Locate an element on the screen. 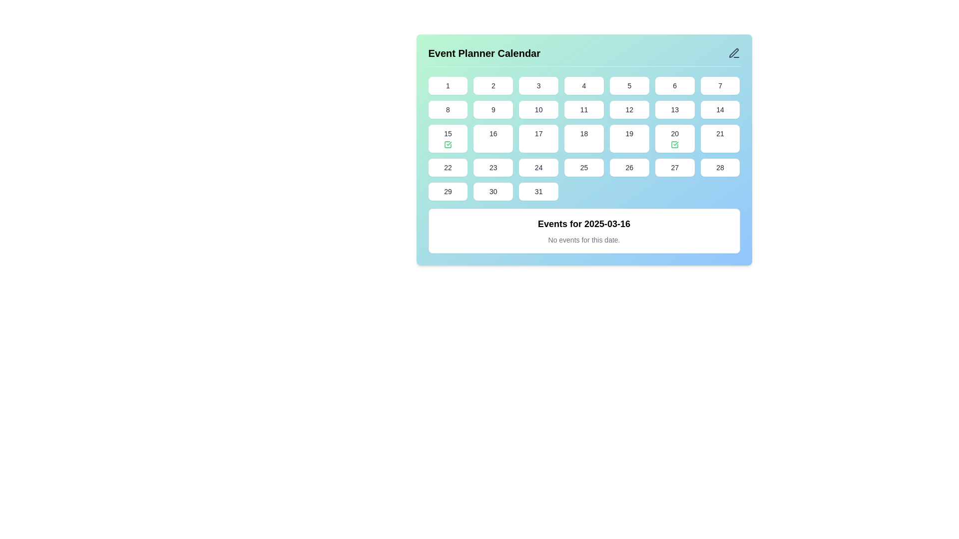 Image resolution: width=959 pixels, height=539 pixels. the date selection button labeled '17' in the third row and third column of the Event Planner Calendar interface is located at coordinates (538, 138).